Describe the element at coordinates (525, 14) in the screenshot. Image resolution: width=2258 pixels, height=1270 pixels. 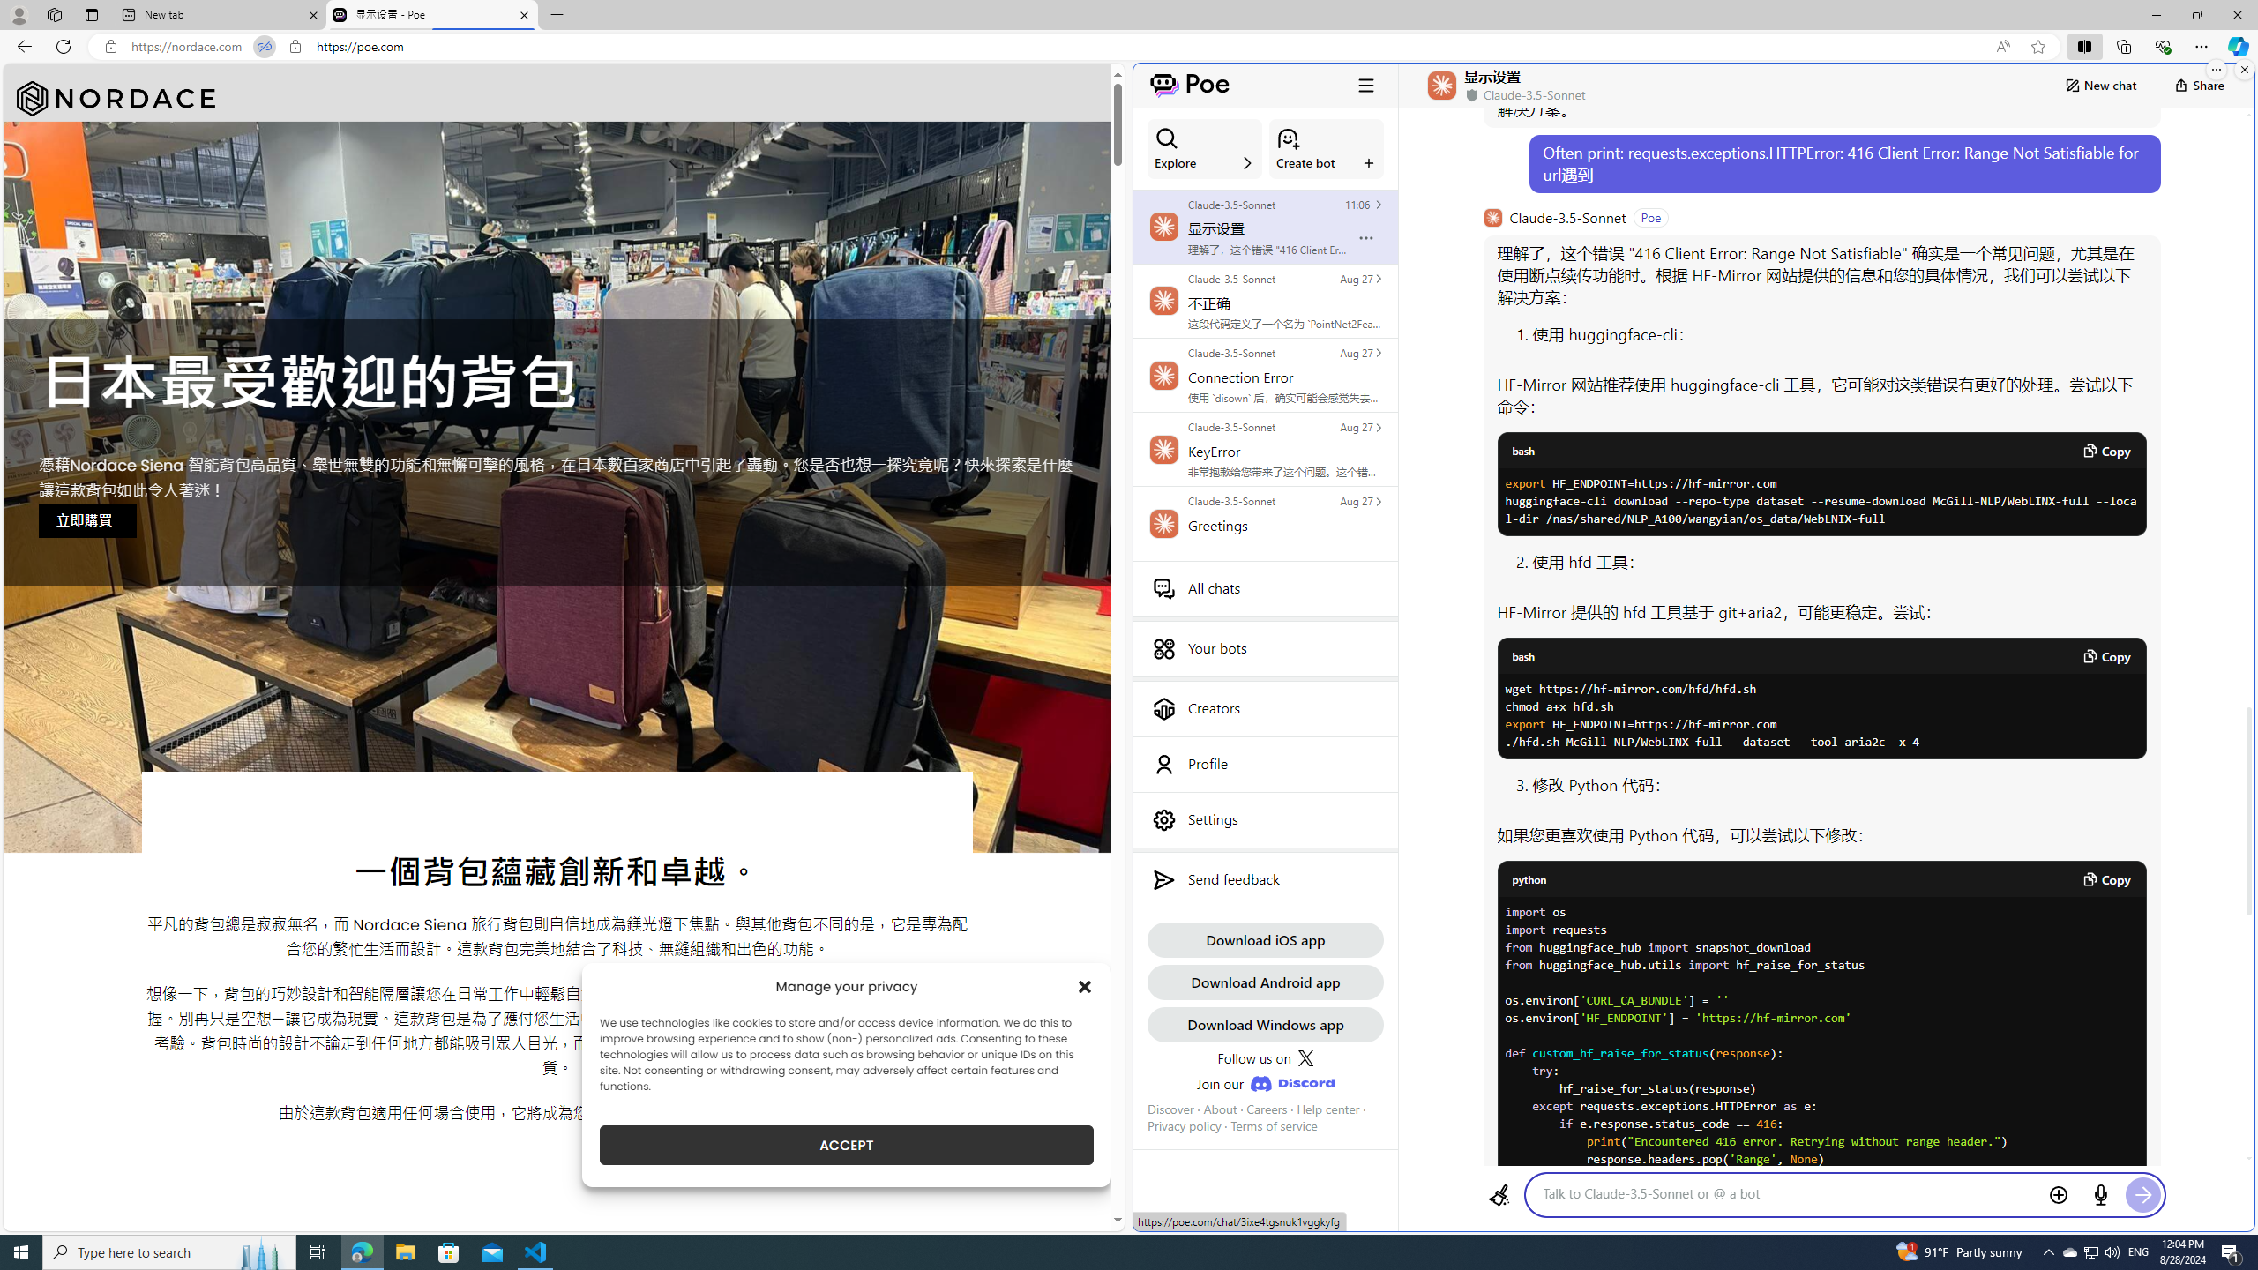
I see `'Close tab'` at that location.